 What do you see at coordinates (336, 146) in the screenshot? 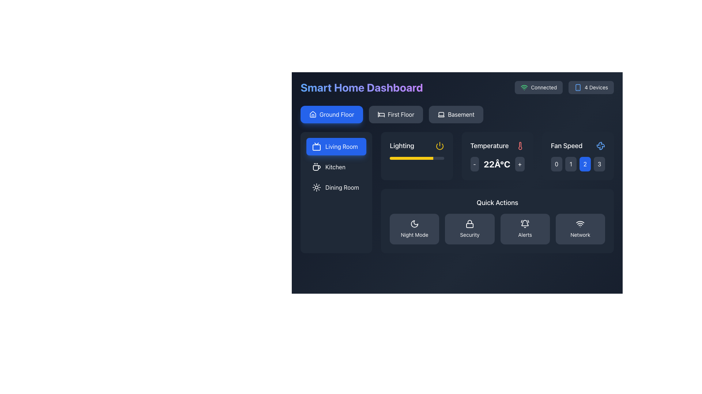
I see `the 'Living Room' button which is a rectangular button with rounded corners, solid blue color, featuring a TV icon on the left and the text 'Living Room' to its right, located in the vertical navigation panel on the left side of the interface` at bounding box center [336, 146].